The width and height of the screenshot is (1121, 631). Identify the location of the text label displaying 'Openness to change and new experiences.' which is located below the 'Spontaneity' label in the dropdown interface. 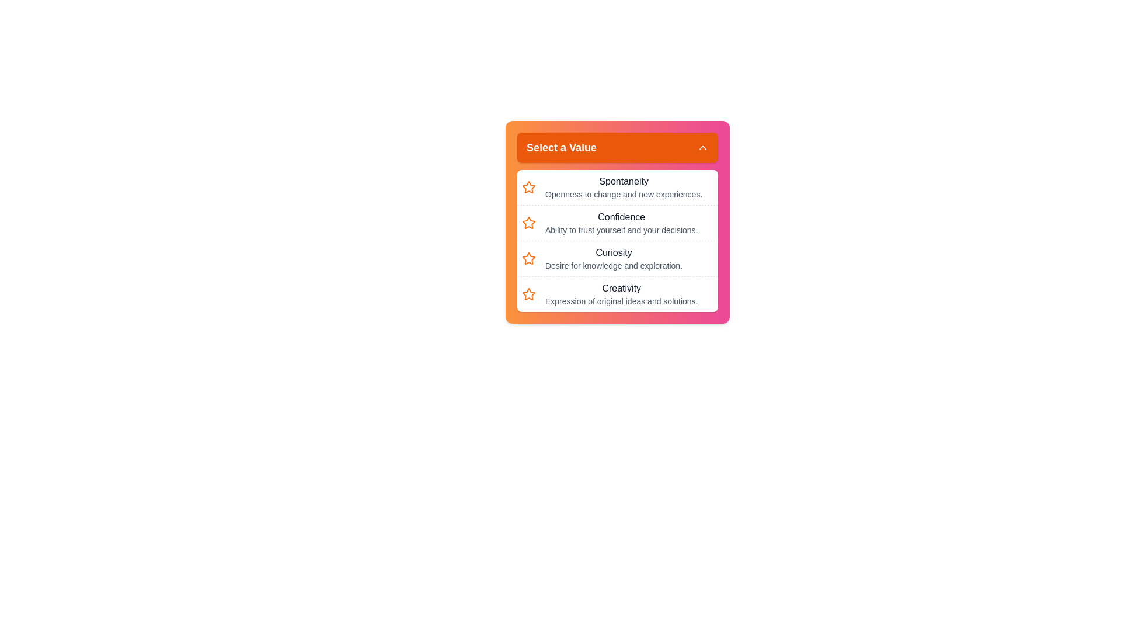
(623, 193).